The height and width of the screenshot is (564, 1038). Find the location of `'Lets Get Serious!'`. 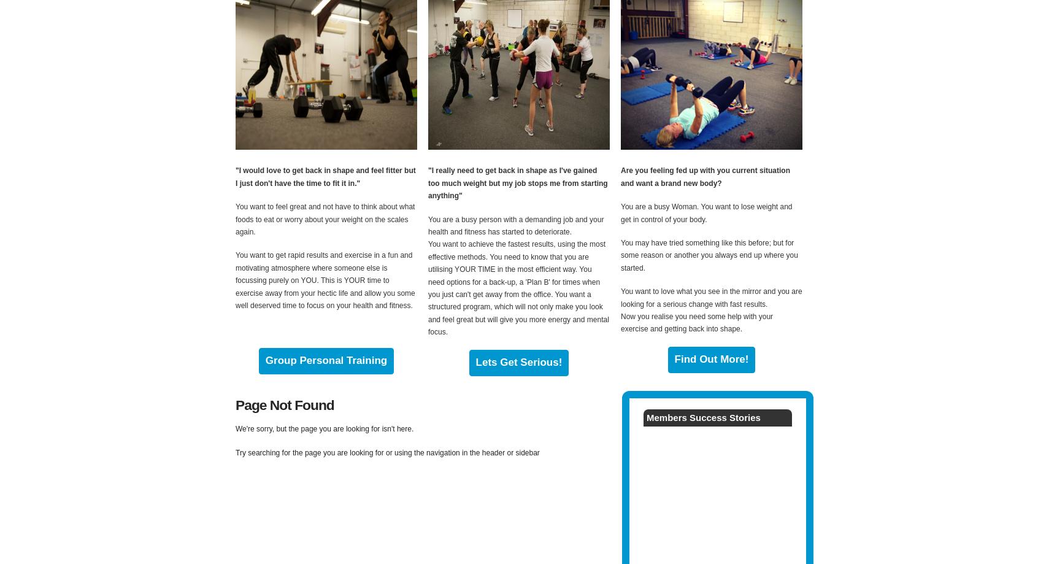

'Lets Get Serious!' is located at coordinates (518, 361).